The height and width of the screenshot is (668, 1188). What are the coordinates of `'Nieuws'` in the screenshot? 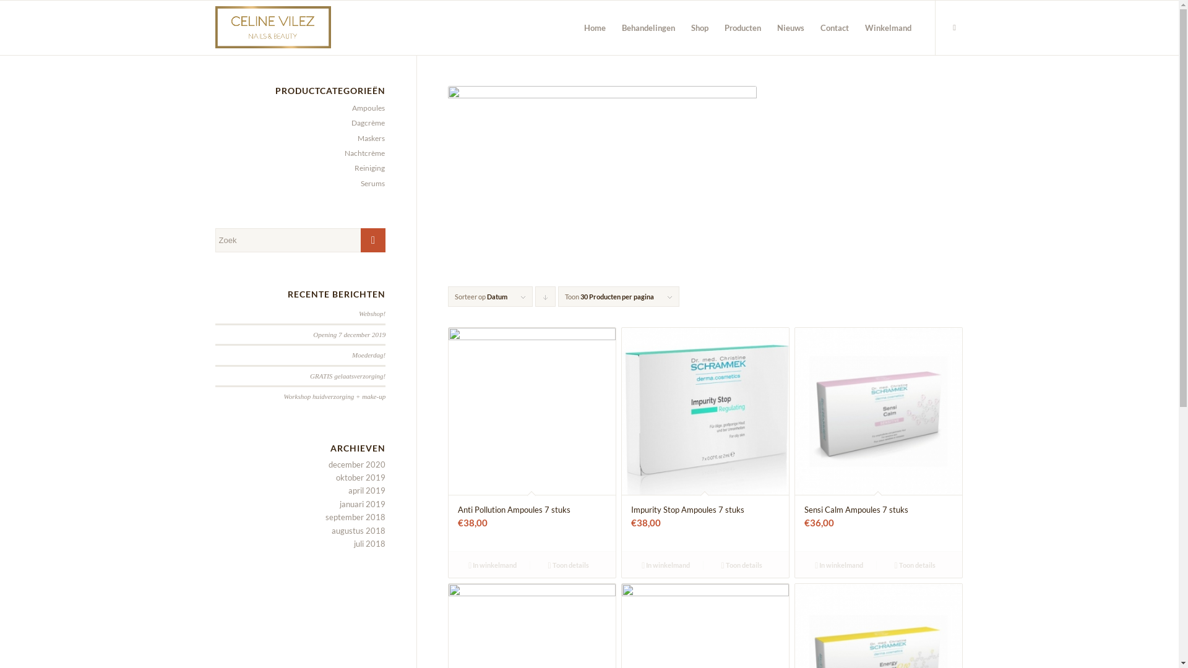 It's located at (789, 28).